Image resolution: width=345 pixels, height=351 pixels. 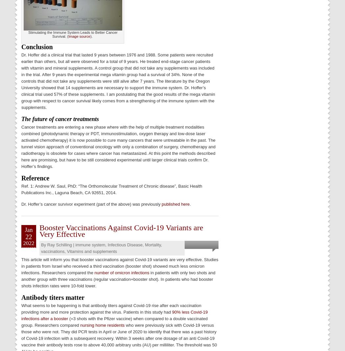 What do you see at coordinates (190, 203) in the screenshot?
I see `'.'` at bounding box center [190, 203].